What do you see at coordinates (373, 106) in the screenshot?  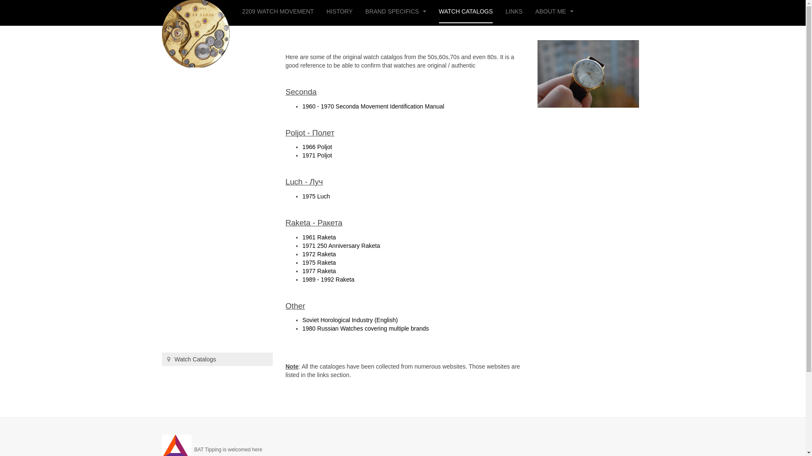 I see `'1960 - 1970 Seconda Movement Identification Manual'` at bounding box center [373, 106].